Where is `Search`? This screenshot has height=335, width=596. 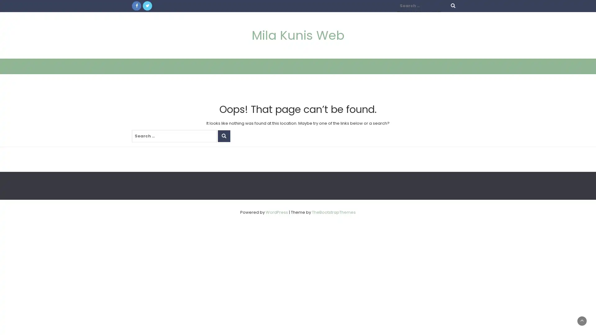 Search is located at coordinates (223, 136).